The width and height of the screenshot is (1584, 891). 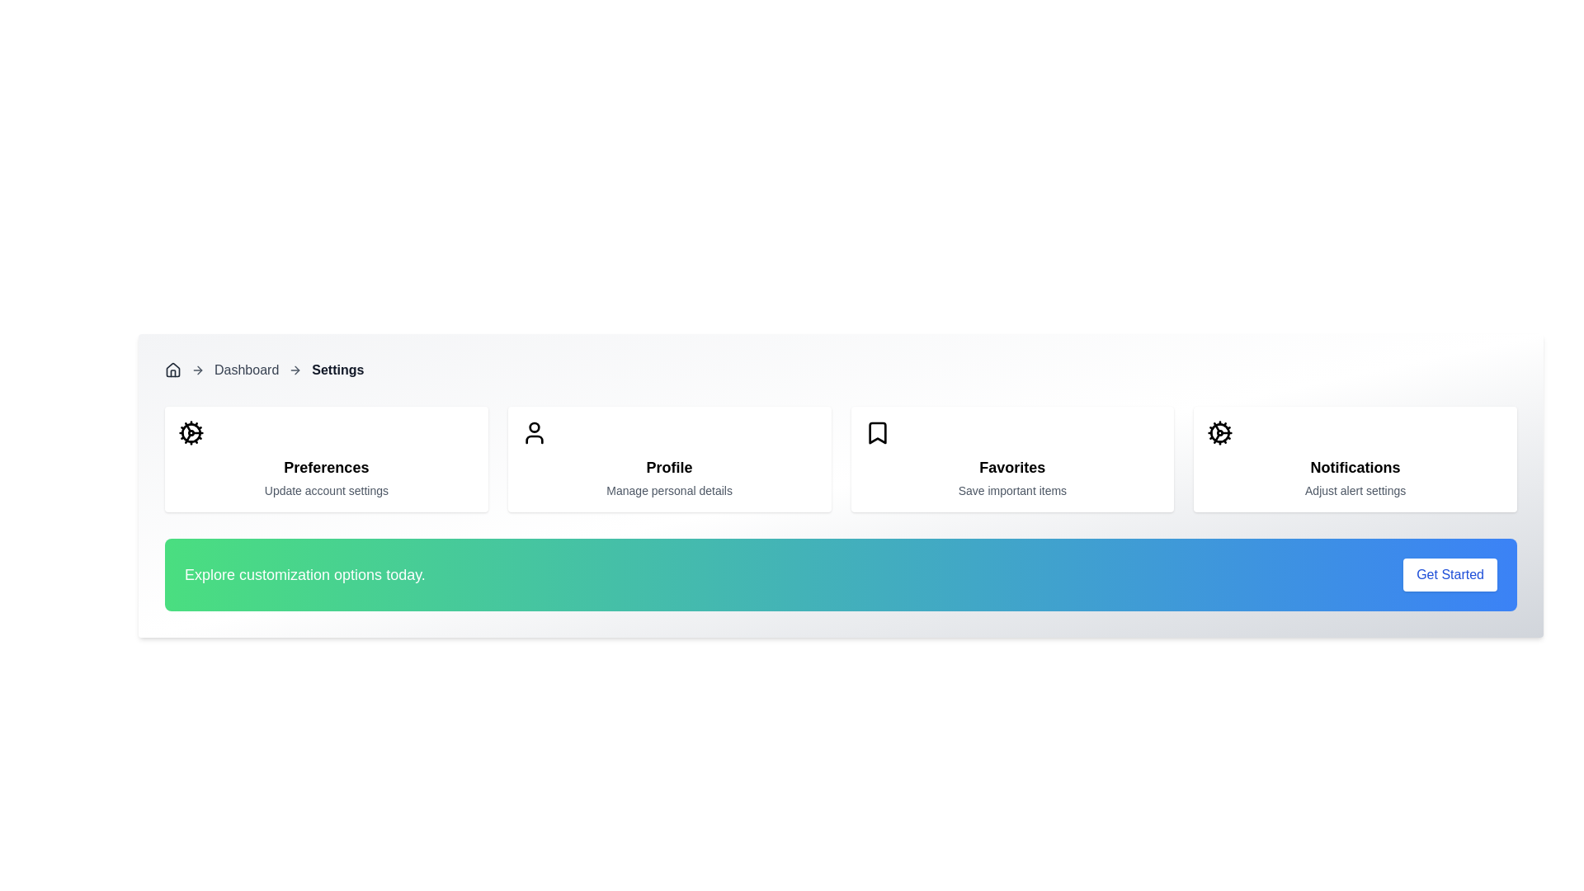 I want to click on the button or clickable card that allows users to manage notification-related settings, located in the fourth column of the grid layout, beneath the breadcrumb navigation, so click(x=1355, y=459).